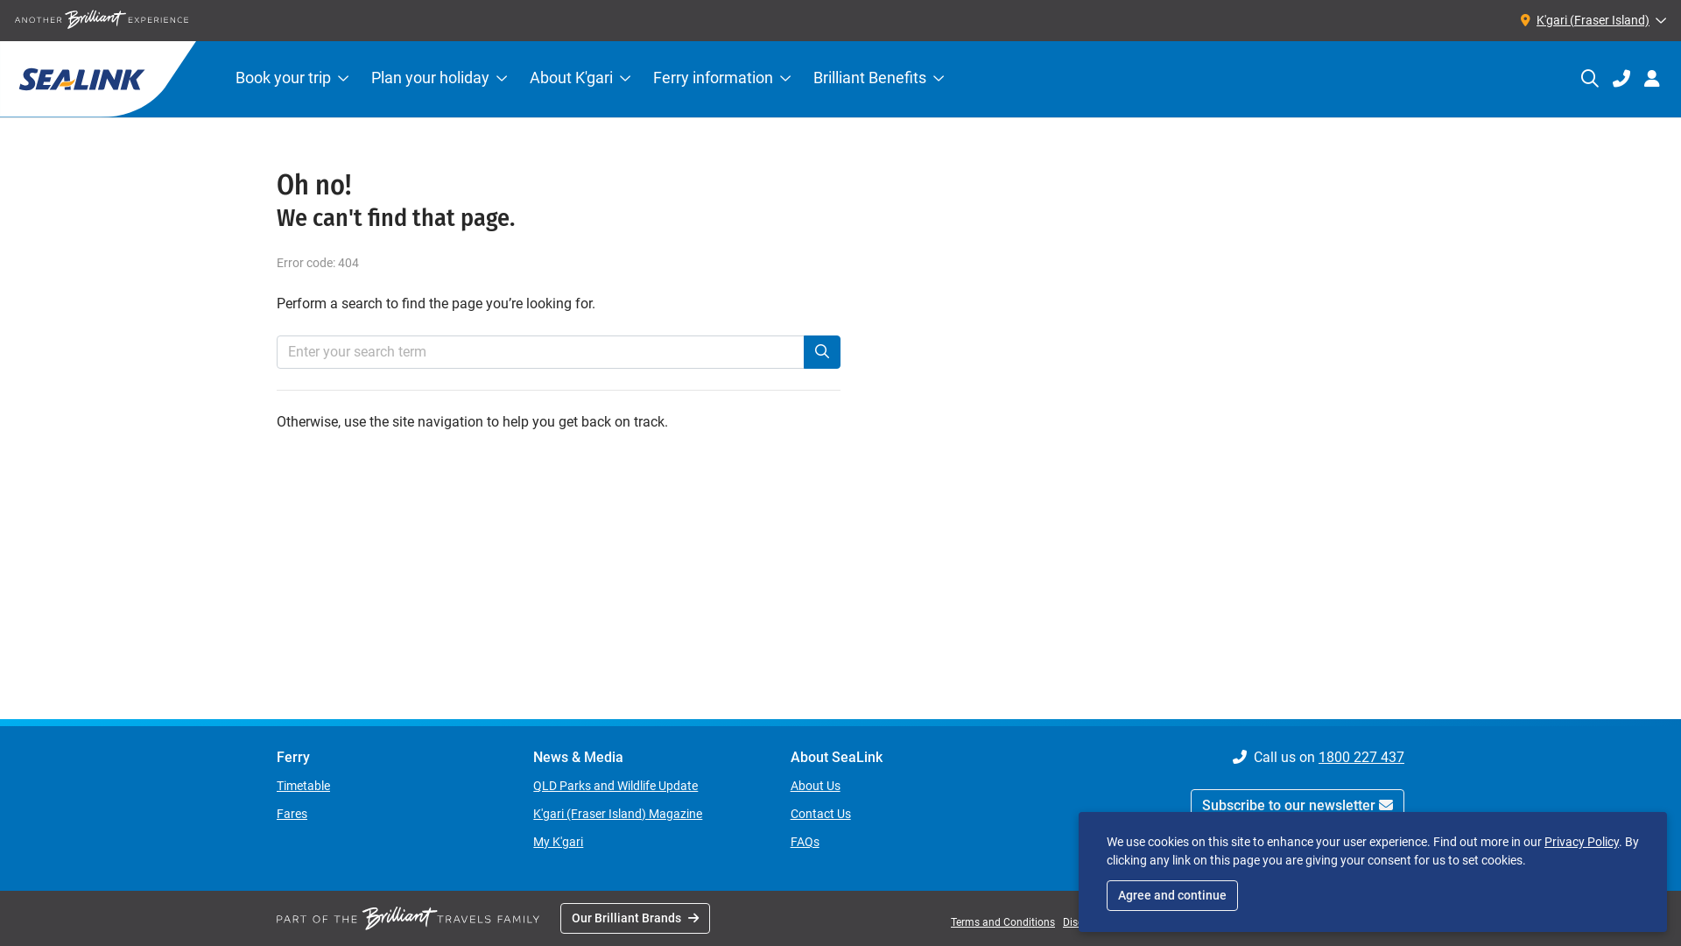 This screenshot has width=1681, height=946. What do you see at coordinates (1581, 840) in the screenshot?
I see `'Privacy Policy'` at bounding box center [1581, 840].